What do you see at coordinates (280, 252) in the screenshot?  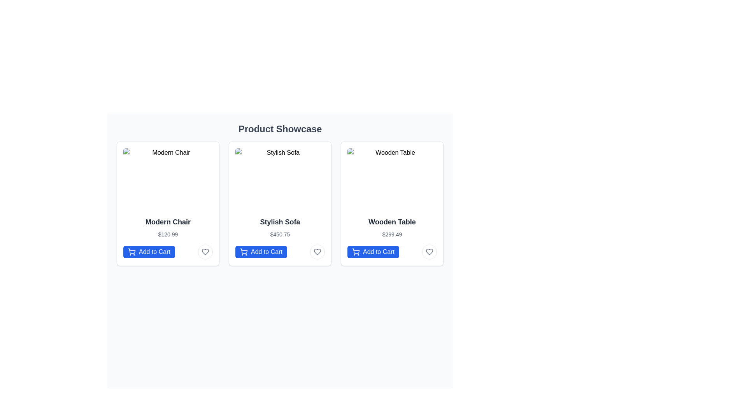 I see `the blue 'Add to Cart' button with a shopping cart icon located at the bottom center of the product card for 'Stylish Sofa'` at bounding box center [280, 252].